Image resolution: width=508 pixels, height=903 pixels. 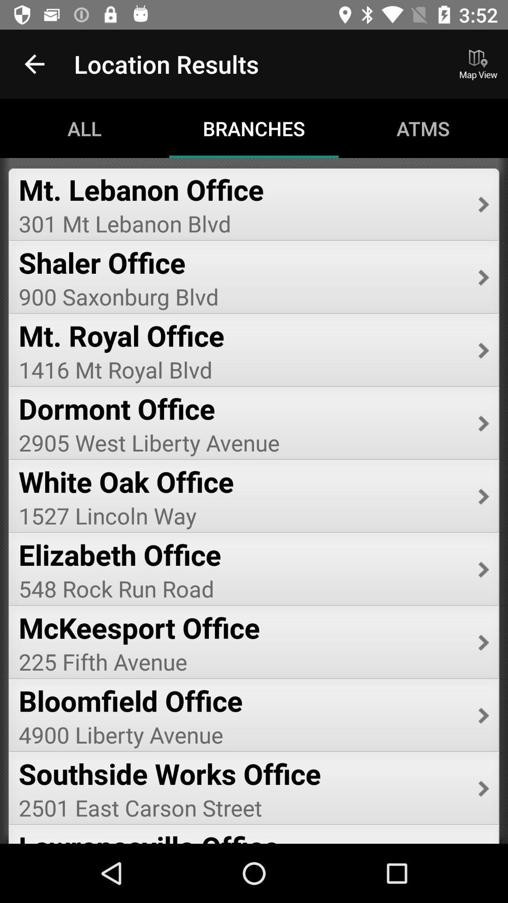 What do you see at coordinates (478, 63) in the screenshot?
I see `icon to the right of location results` at bounding box center [478, 63].